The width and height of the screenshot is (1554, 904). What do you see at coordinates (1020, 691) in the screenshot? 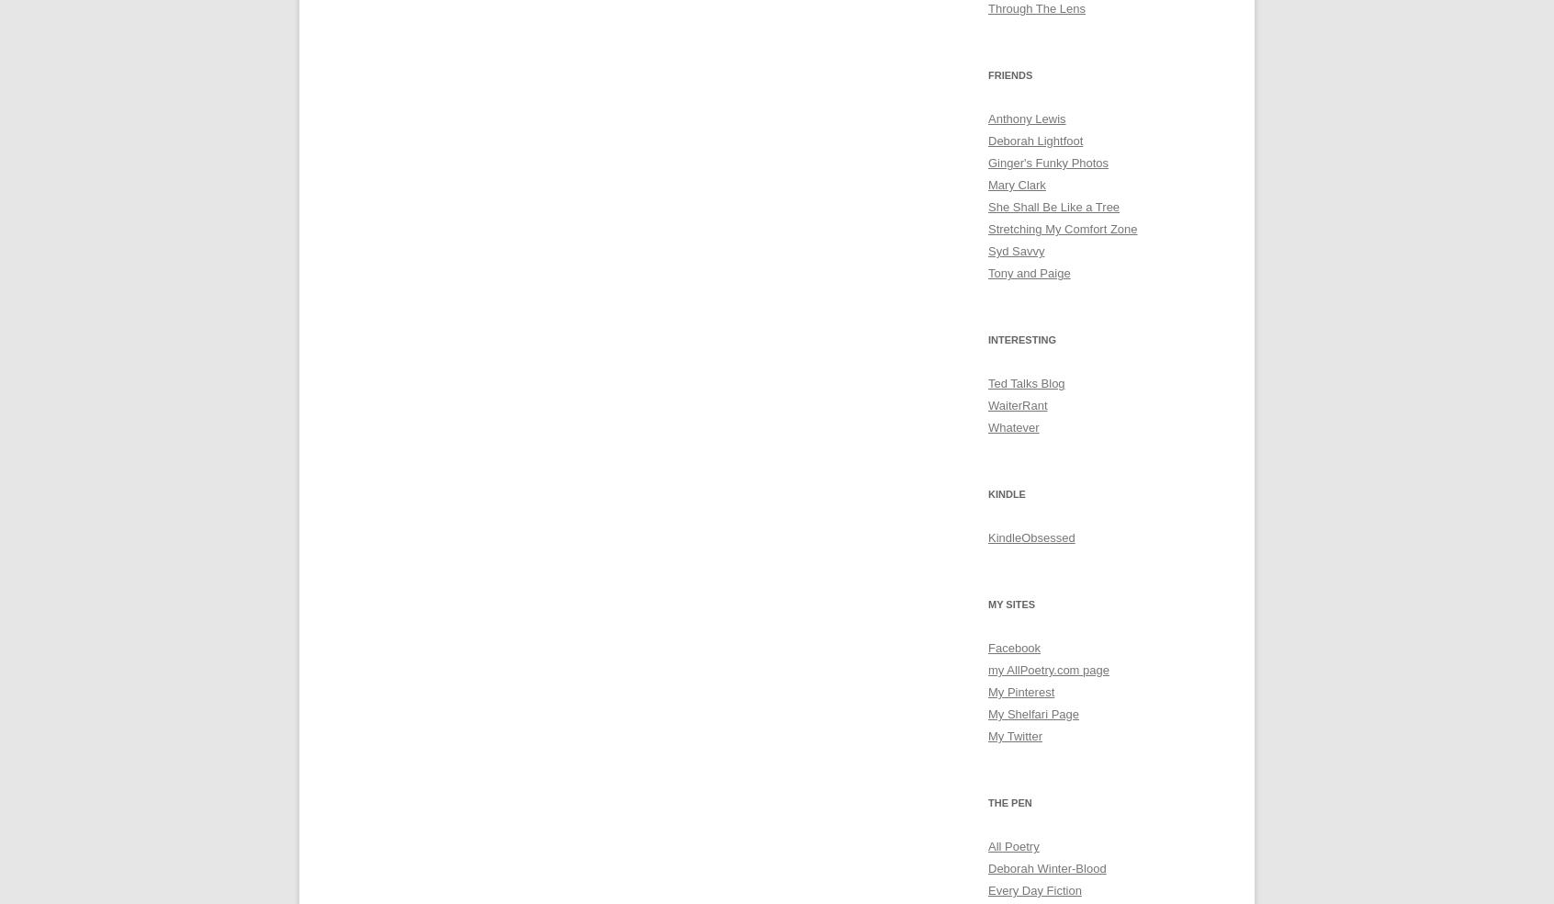
I see `'My Pinterest'` at bounding box center [1020, 691].